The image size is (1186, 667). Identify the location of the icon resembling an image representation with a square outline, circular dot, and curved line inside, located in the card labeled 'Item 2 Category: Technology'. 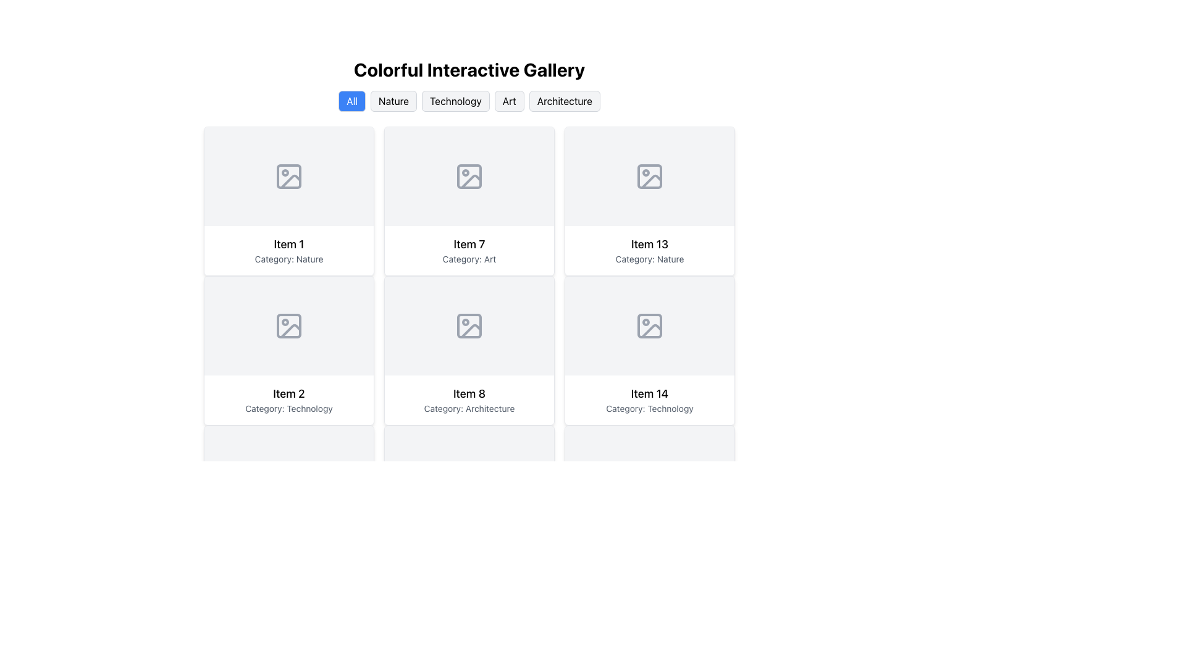
(288, 325).